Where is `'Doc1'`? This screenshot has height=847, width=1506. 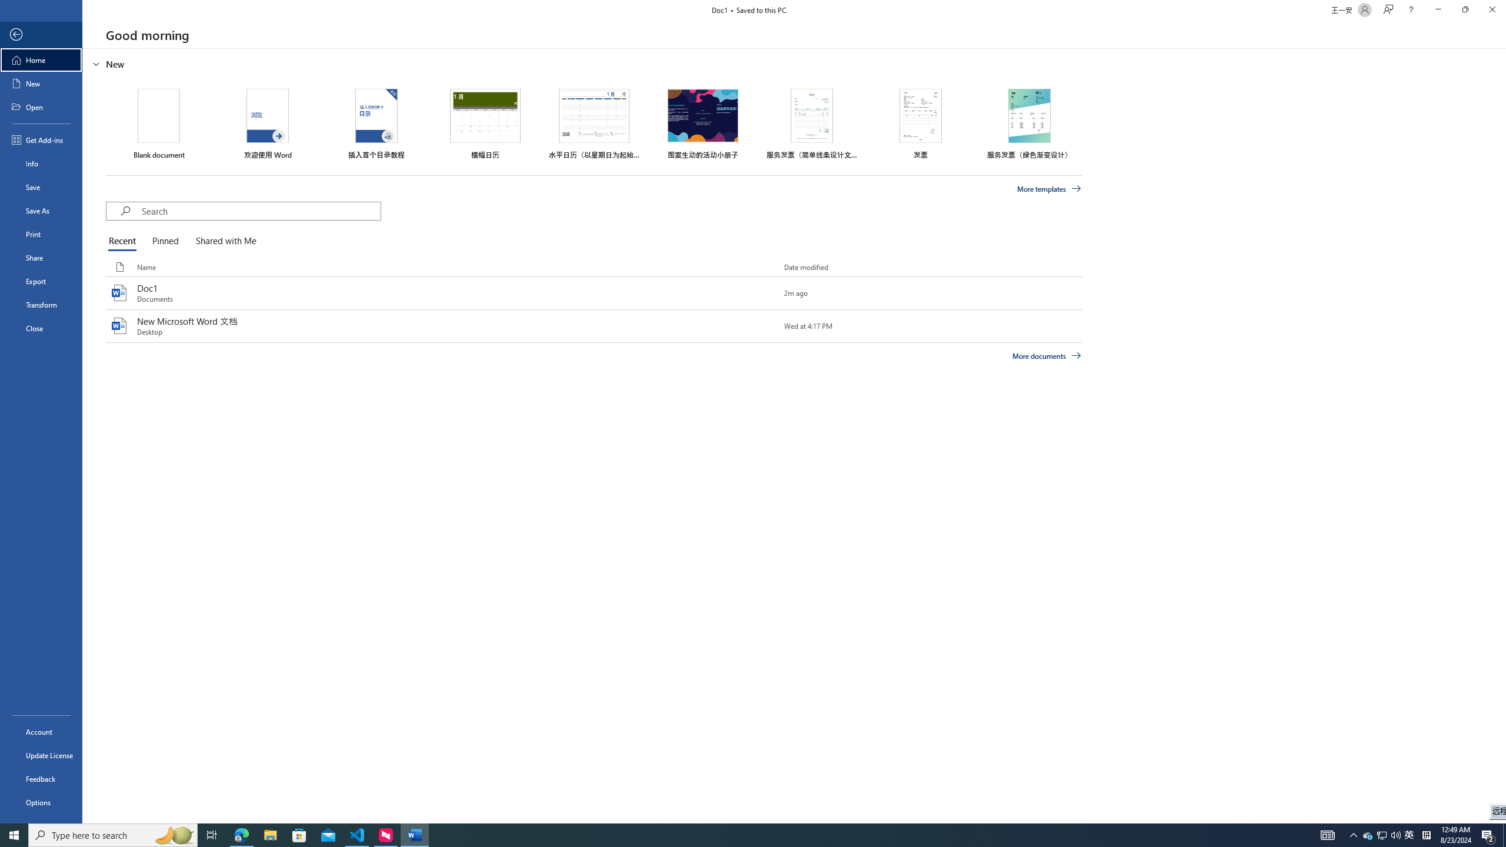 'Doc1' is located at coordinates (593, 292).